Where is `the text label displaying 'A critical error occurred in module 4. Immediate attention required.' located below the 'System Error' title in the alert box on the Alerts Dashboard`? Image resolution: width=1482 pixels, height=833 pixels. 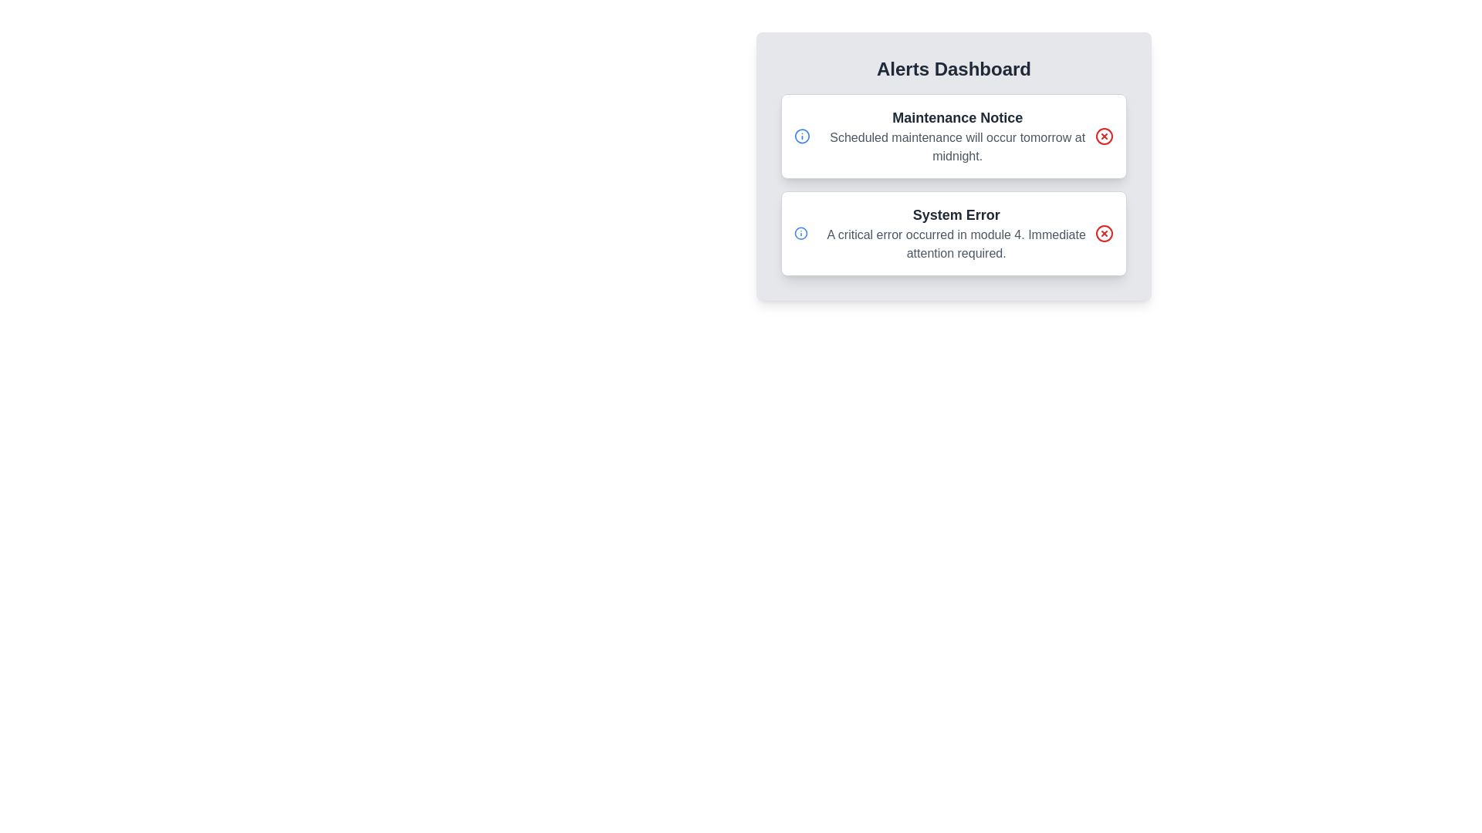 the text label displaying 'A critical error occurred in module 4. Immediate attention required.' located below the 'System Error' title in the alert box on the Alerts Dashboard is located at coordinates (956, 243).